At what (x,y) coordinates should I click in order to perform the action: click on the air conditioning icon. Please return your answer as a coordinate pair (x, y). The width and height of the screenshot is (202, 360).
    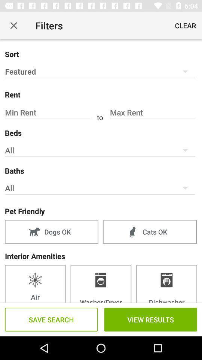
    Looking at the image, I should click on (35, 283).